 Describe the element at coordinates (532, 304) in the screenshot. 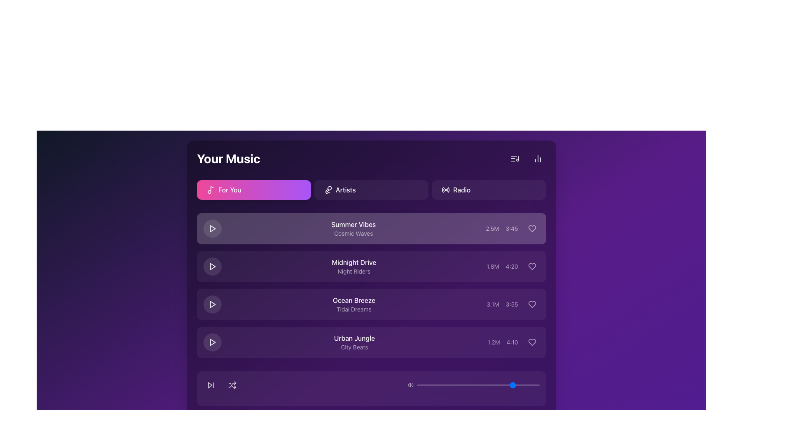

I see `the heart icon for the track 'Ocean Breeze'` at that location.